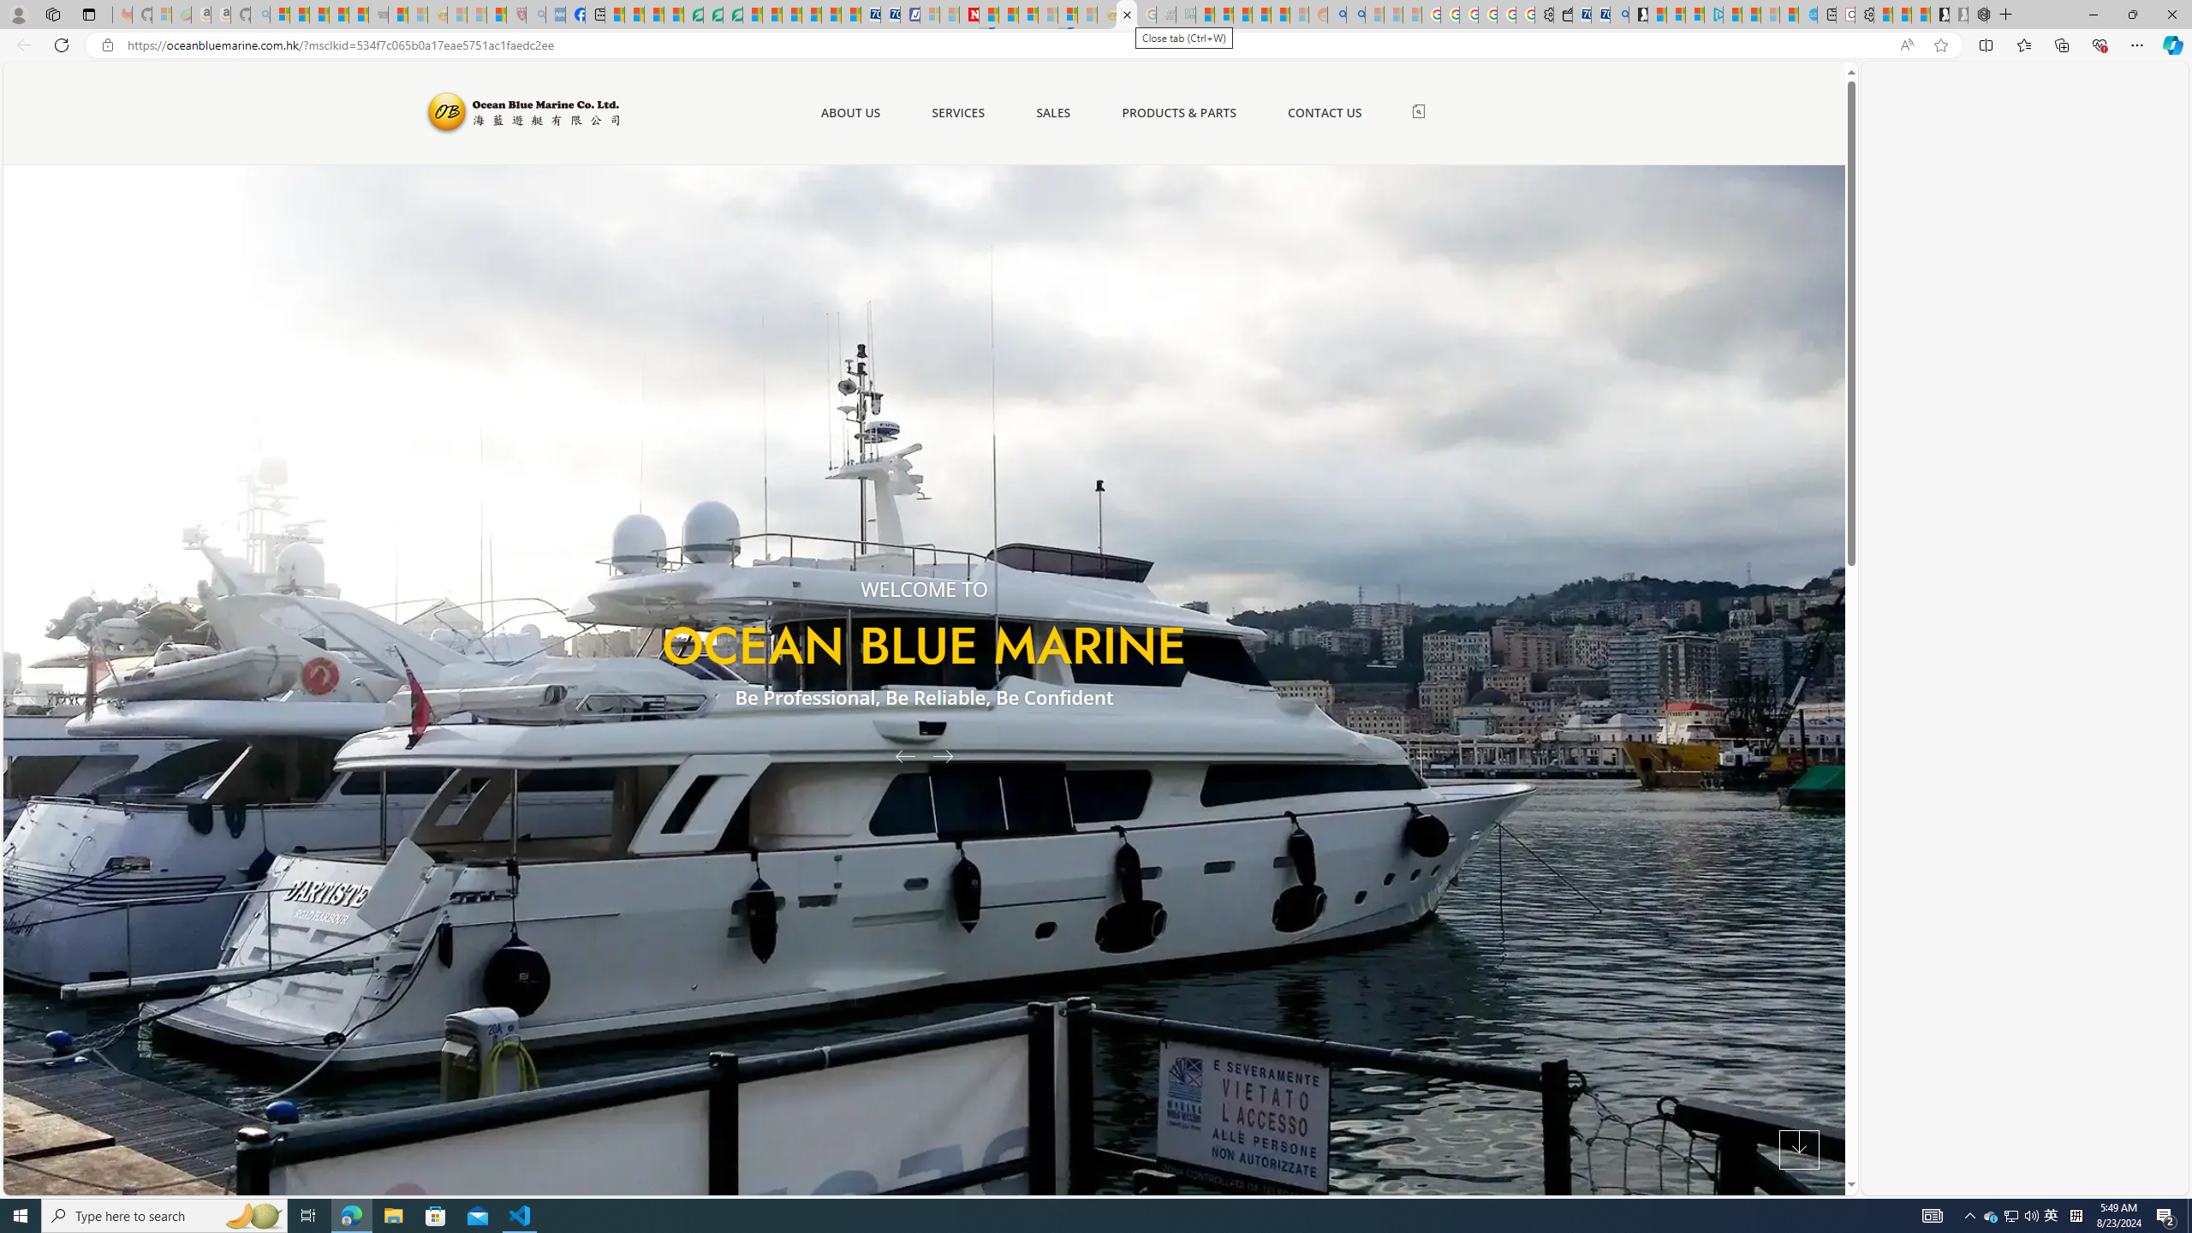 The image size is (2192, 1233). Describe the element at coordinates (1179, 111) in the screenshot. I see `'PRODUCTS & PARTS'` at that location.